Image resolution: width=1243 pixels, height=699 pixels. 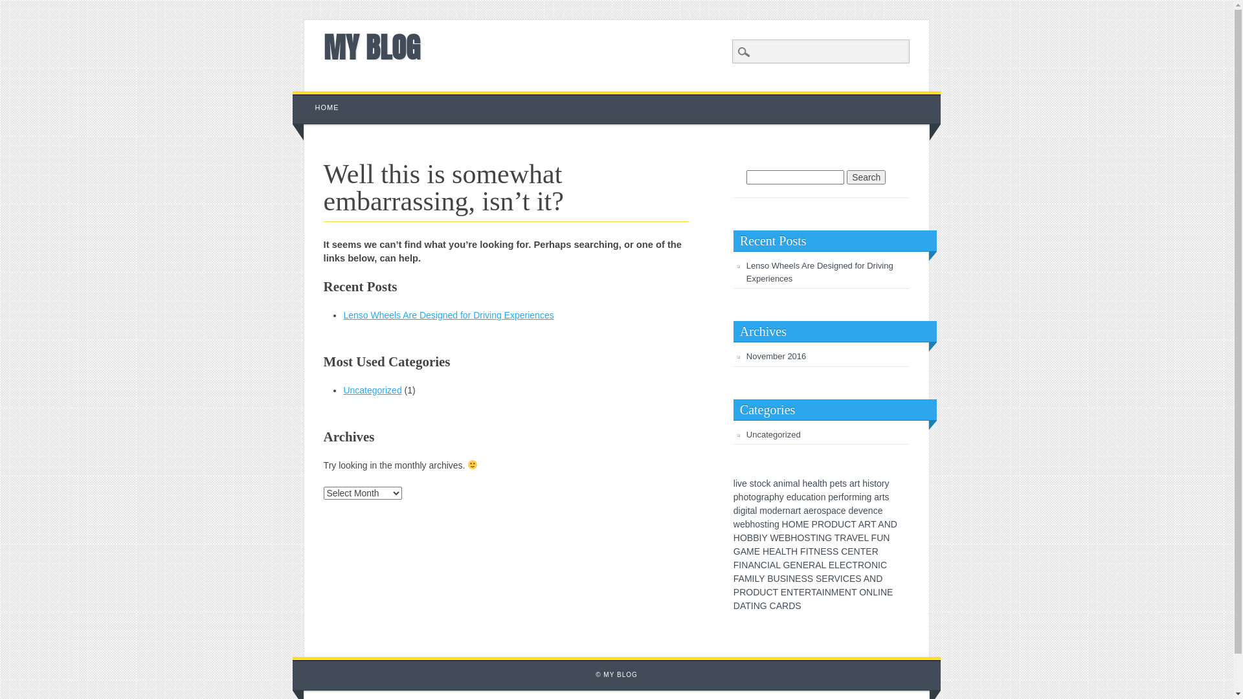 What do you see at coordinates (789, 564) in the screenshot?
I see `'E'` at bounding box center [789, 564].